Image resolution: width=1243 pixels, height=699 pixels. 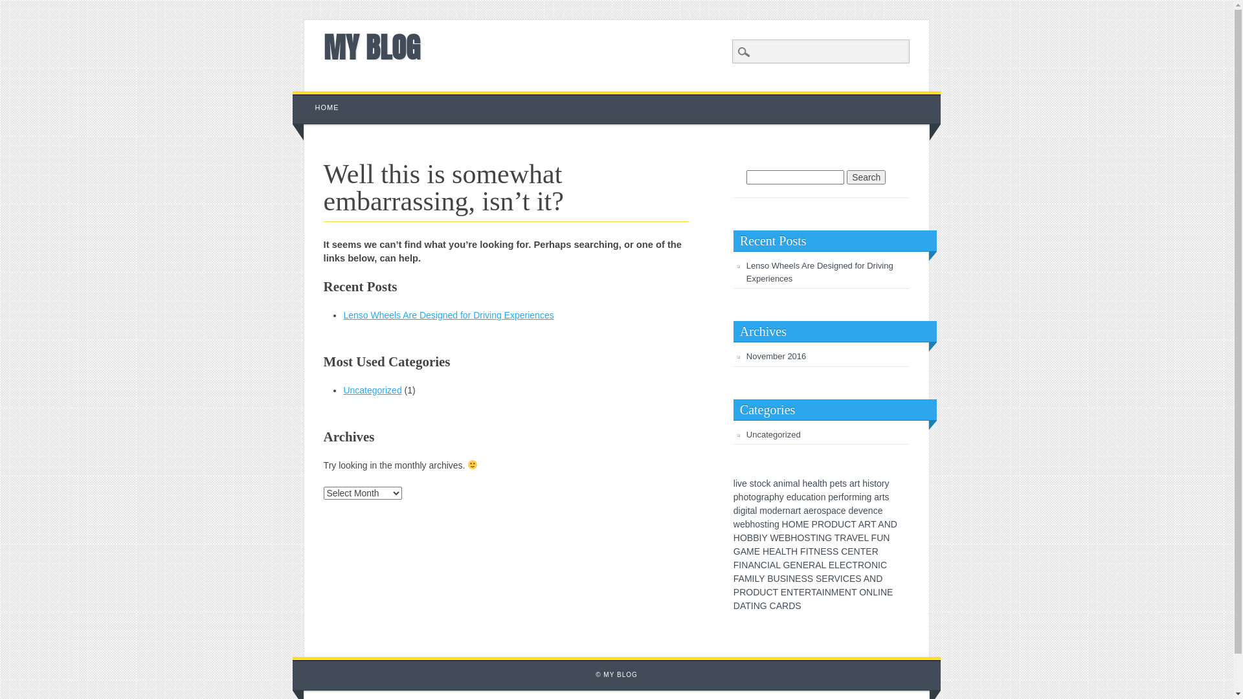 What do you see at coordinates (789, 564) in the screenshot?
I see `'E'` at bounding box center [789, 564].